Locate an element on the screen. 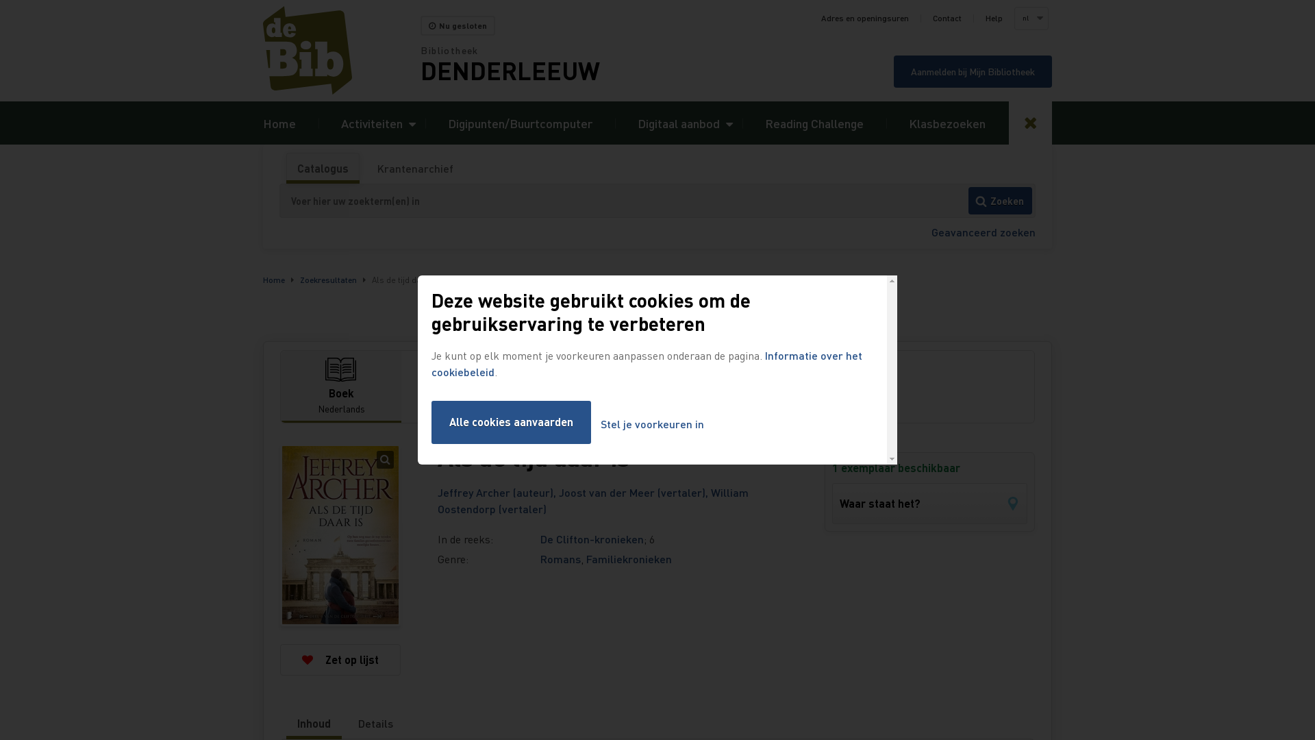 This screenshot has width=1315, height=740. 'Nu gesloten' is located at coordinates (458, 25).